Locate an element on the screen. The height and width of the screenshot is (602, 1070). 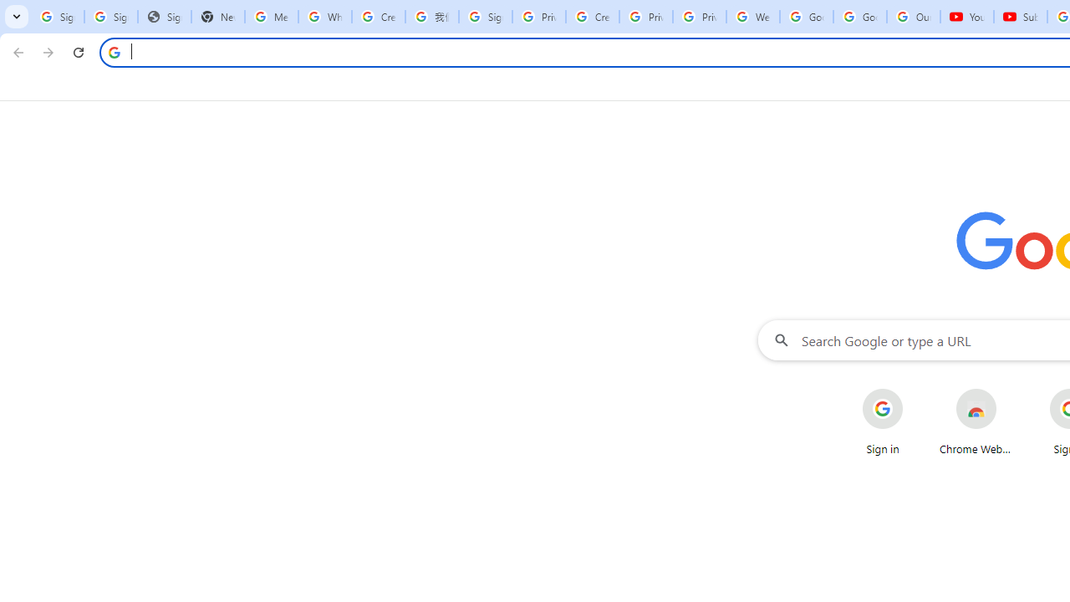
'New Tab' is located at coordinates (217, 17).